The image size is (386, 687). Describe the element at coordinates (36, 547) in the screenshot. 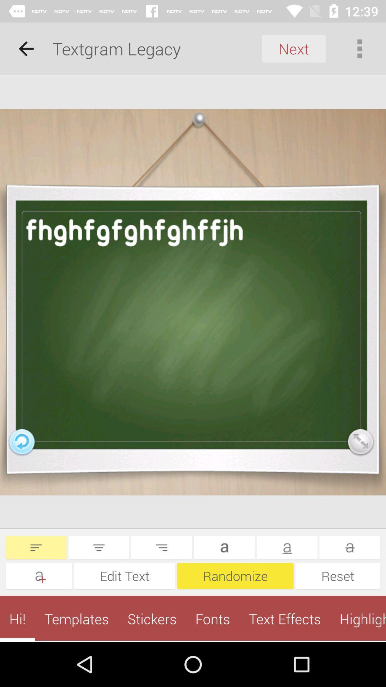

I see `left align text` at that location.